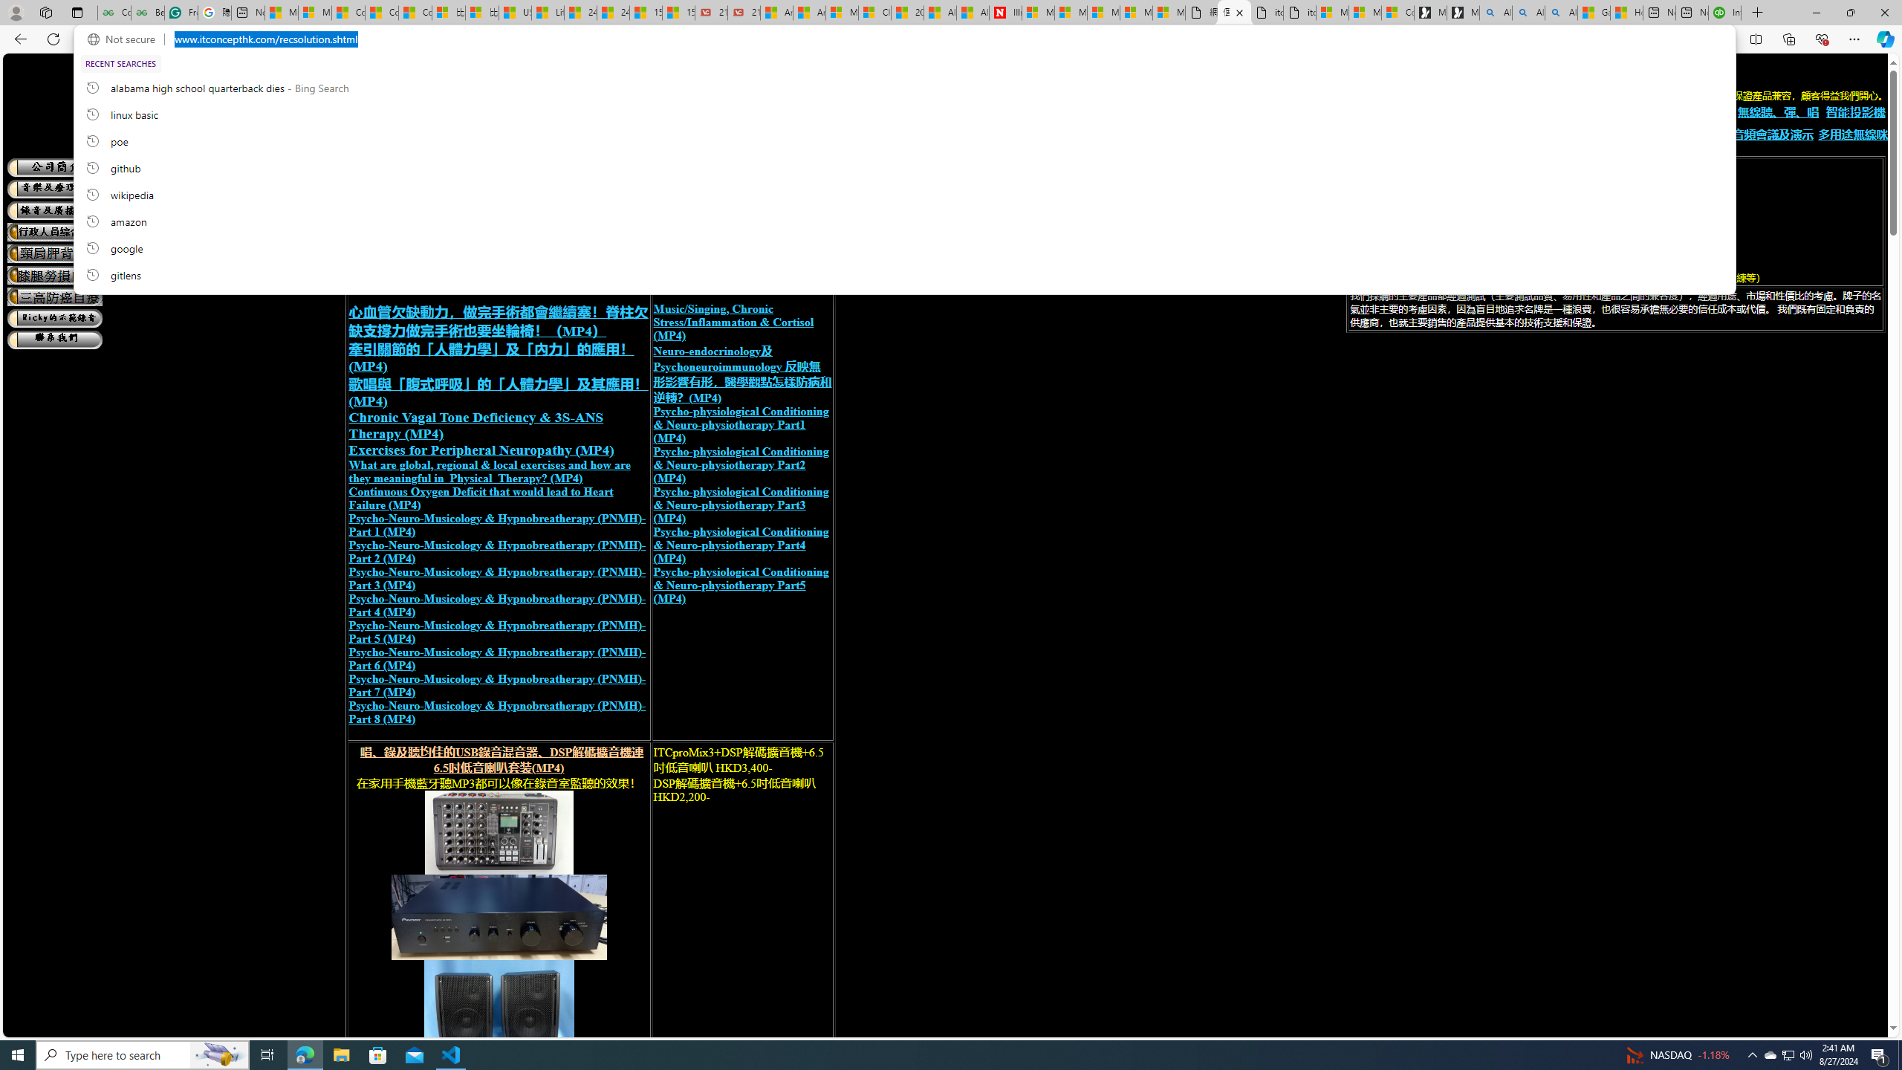 The image size is (1902, 1070). Describe the element at coordinates (1496, 12) in the screenshot. I see `'Alabama high school quarterback dies - Search'` at that location.